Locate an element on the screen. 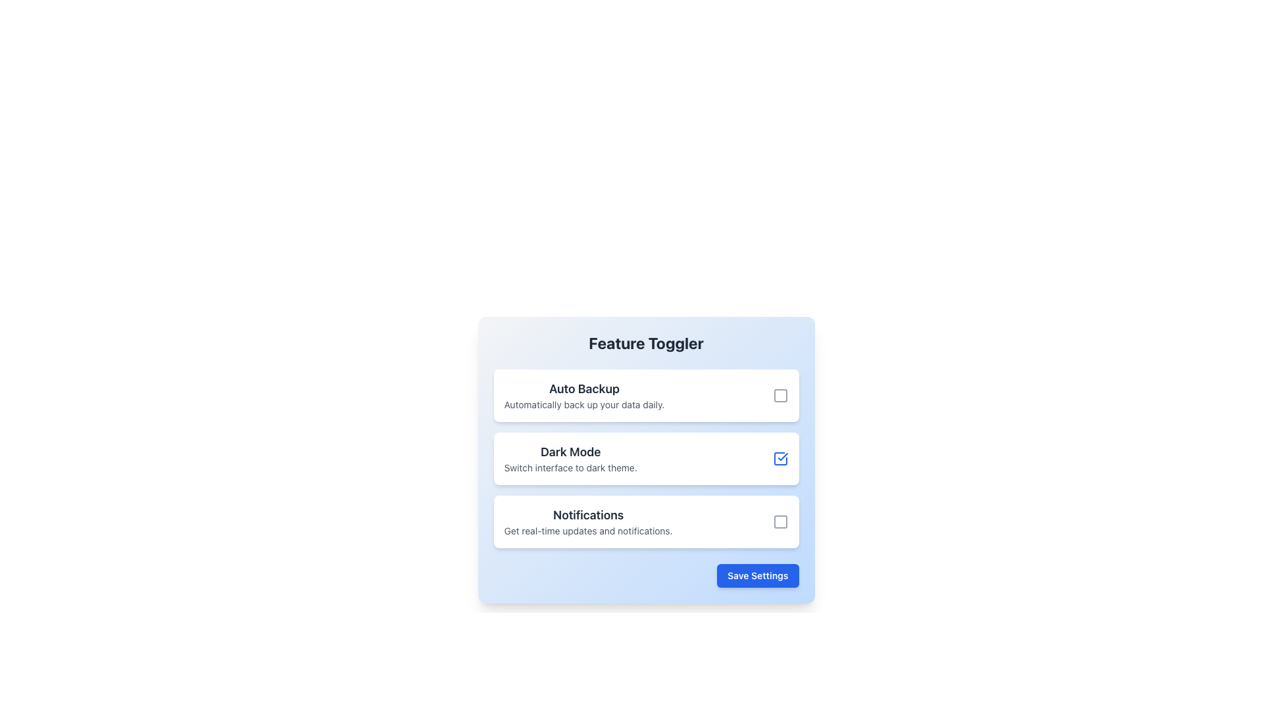  the top-left corner of the square outline within the blue checkmark SVG icon located on the right side of the 'Dark Mode' toggle option in the dialog box is located at coordinates (780, 458).